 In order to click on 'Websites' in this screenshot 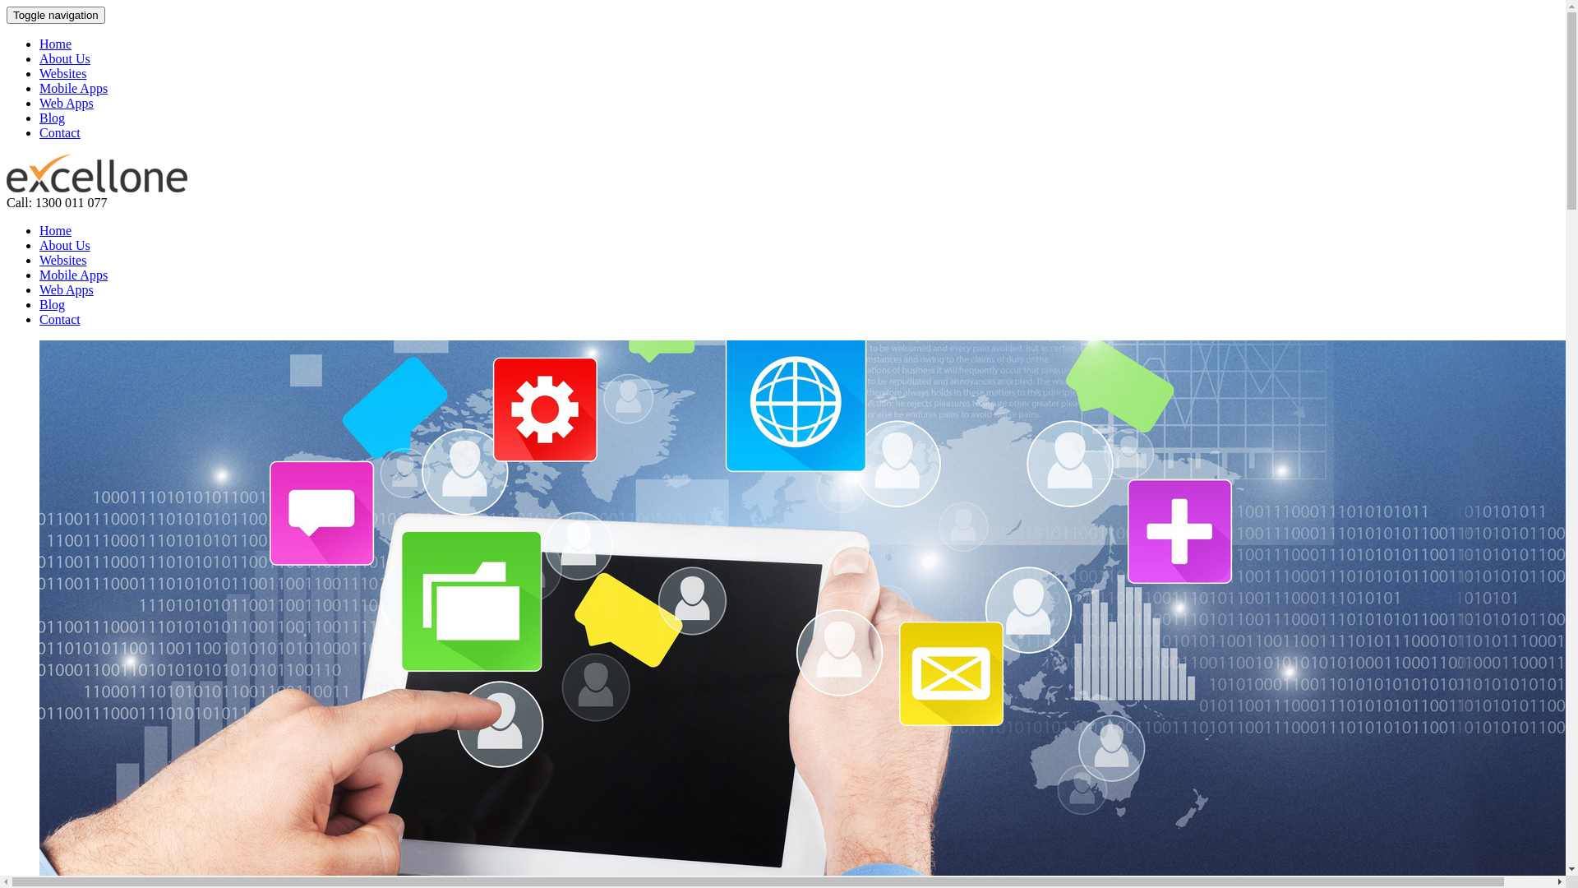, I will do `click(62, 72)`.